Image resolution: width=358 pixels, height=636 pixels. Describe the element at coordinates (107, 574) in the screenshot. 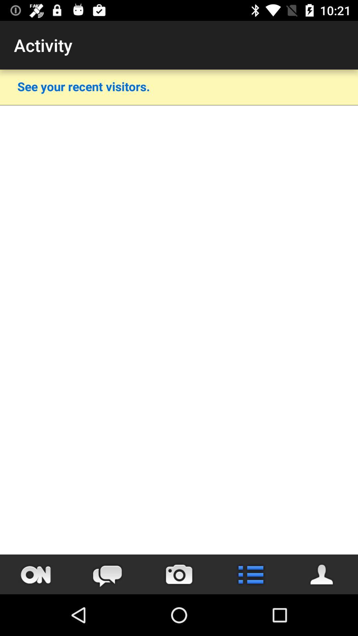

I see `conversation history option` at that location.